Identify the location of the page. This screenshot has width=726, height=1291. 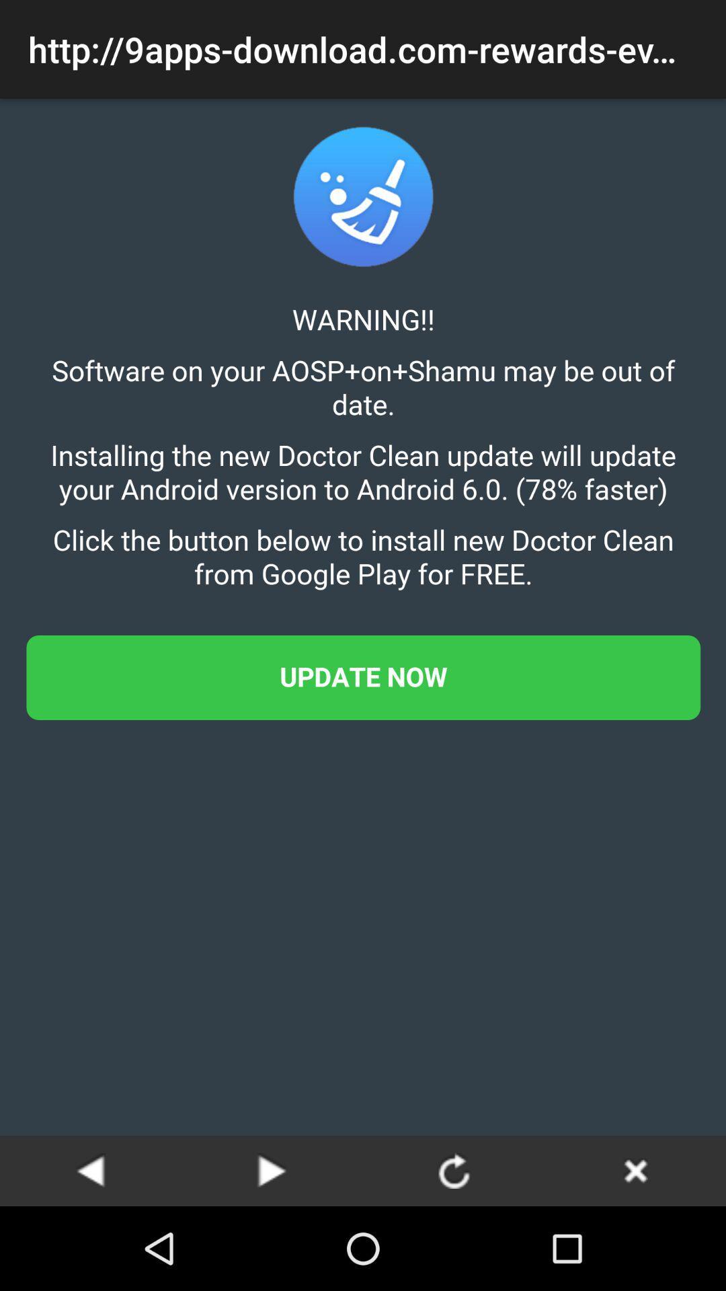
(635, 1170).